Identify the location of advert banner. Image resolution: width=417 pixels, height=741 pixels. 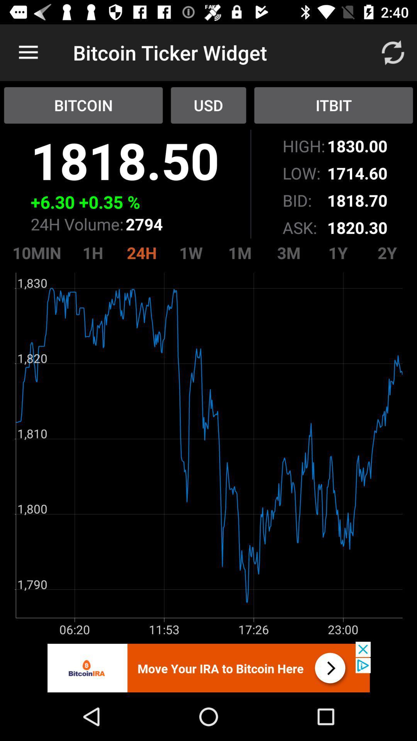
(208, 667).